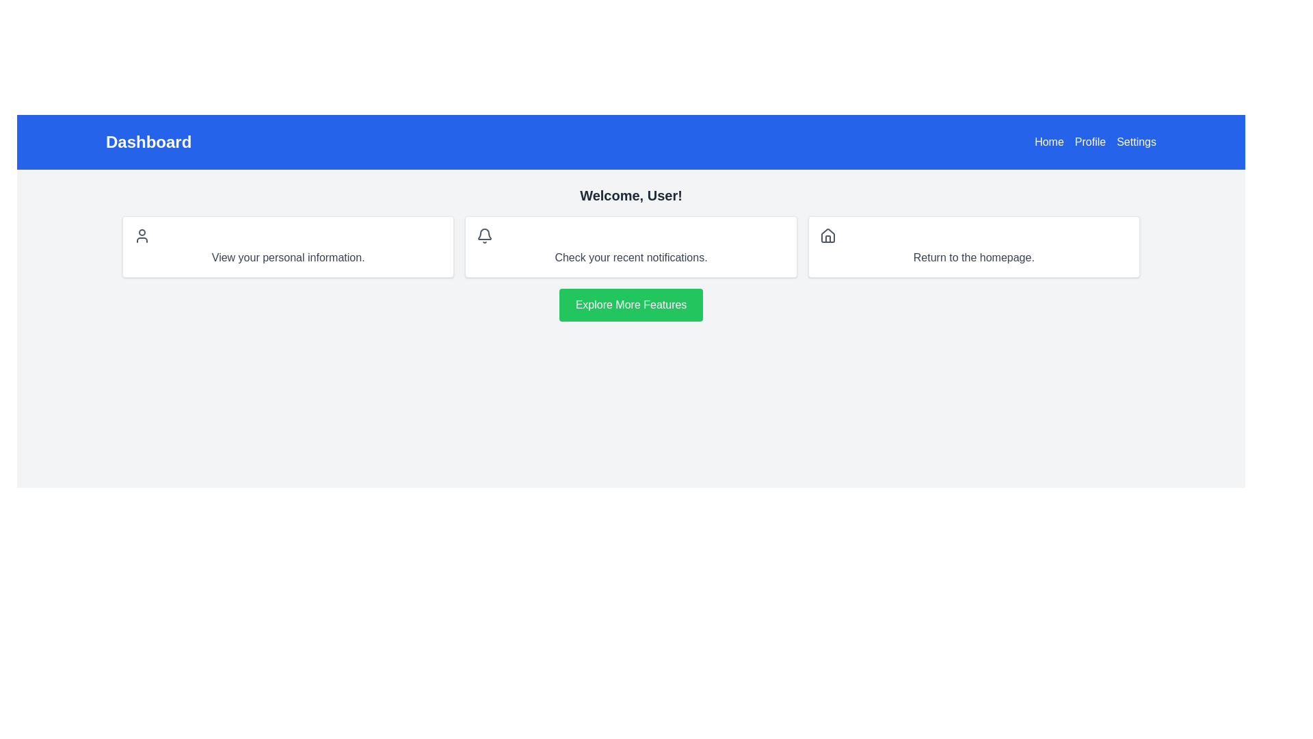 The image size is (1313, 739). I want to click on the static text label located on the left side of the top navigation bar, which precedes the interactive links labeled 'Home', 'Profile', and 'Settings', so click(148, 142).